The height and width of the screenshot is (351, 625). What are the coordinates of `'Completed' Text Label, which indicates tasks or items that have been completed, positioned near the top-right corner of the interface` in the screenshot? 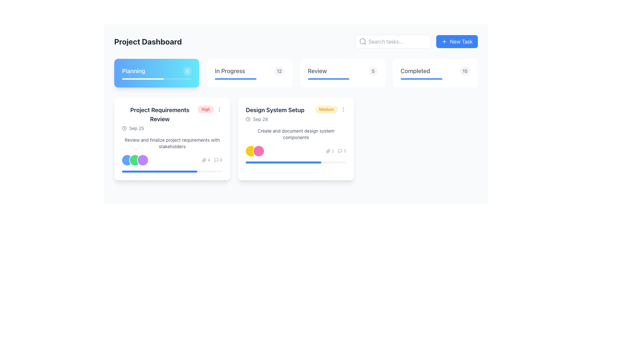 It's located at (415, 71).